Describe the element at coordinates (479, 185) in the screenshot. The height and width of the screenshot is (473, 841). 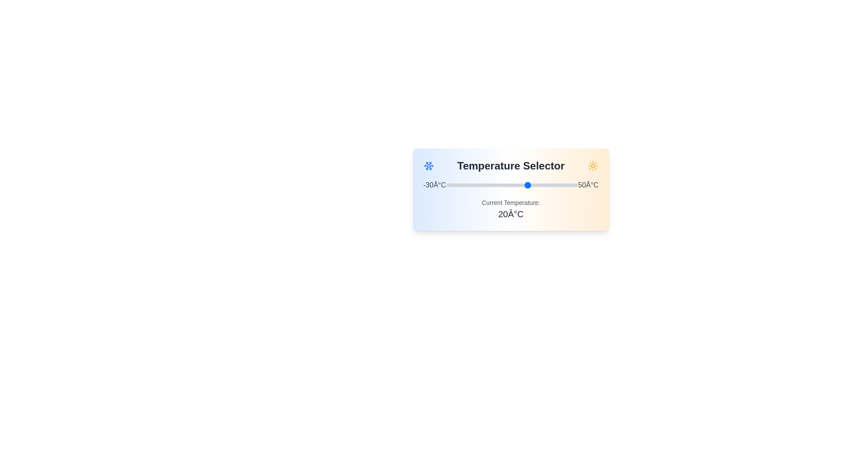
I see `the temperature slider` at that location.